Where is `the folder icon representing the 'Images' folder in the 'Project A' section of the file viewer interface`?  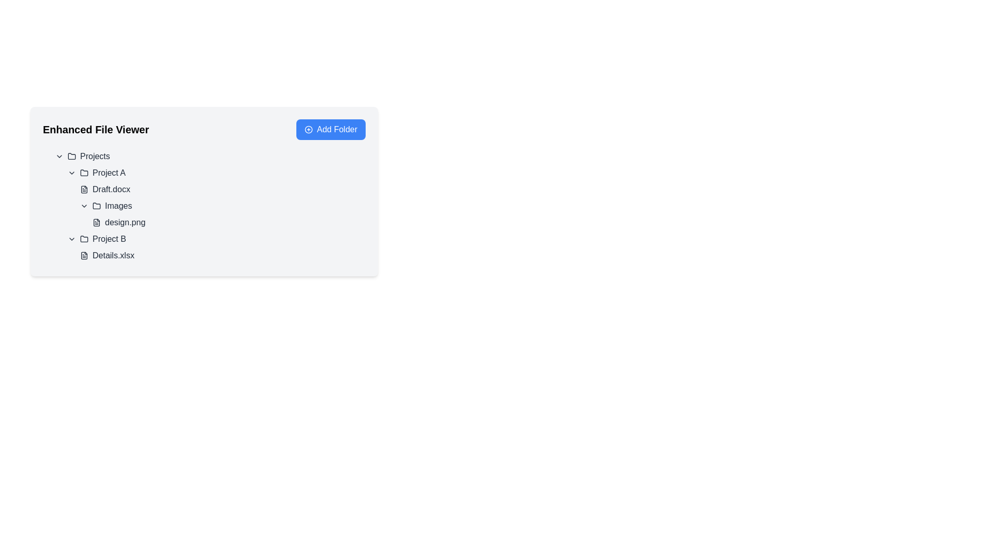
the folder icon representing the 'Images' folder in the 'Project A' section of the file viewer interface is located at coordinates (97, 206).